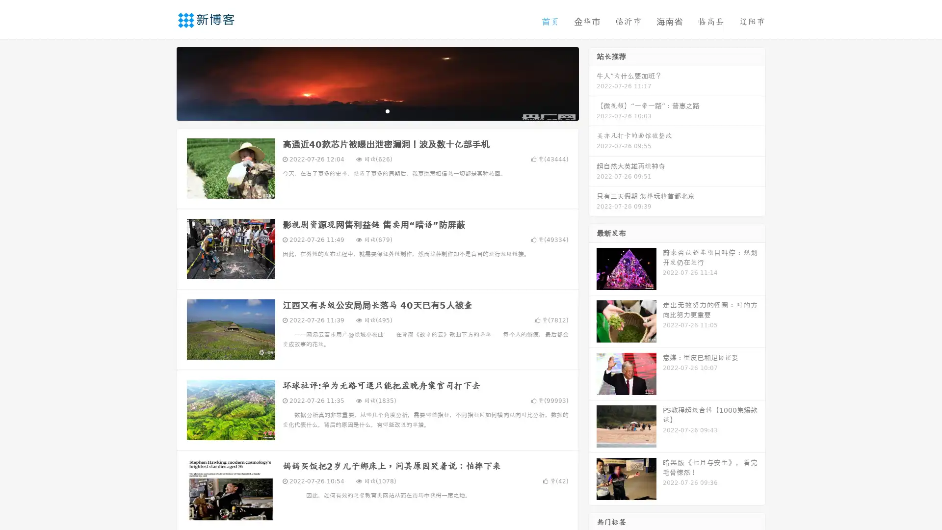 This screenshot has width=942, height=530. Describe the element at coordinates (162, 82) in the screenshot. I see `Previous slide` at that location.